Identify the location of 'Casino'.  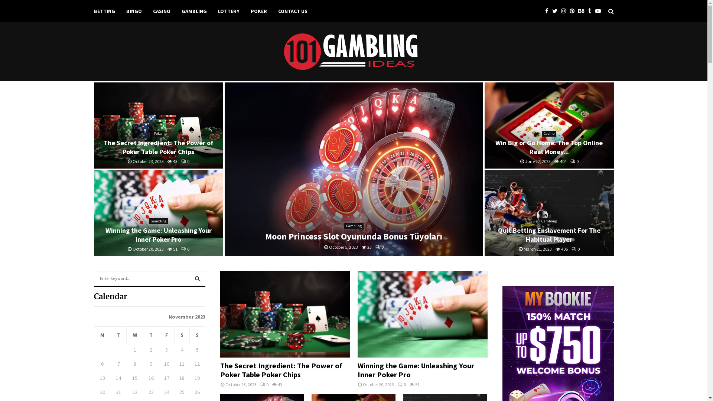
(549, 133).